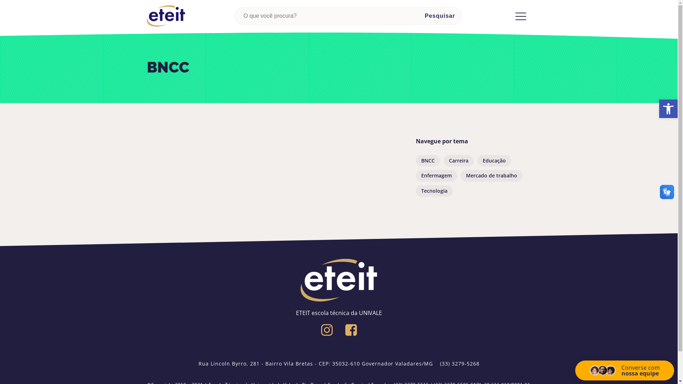  What do you see at coordinates (491, 175) in the screenshot?
I see `'Mercado de trabalho'` at bounding box center [491, 175].